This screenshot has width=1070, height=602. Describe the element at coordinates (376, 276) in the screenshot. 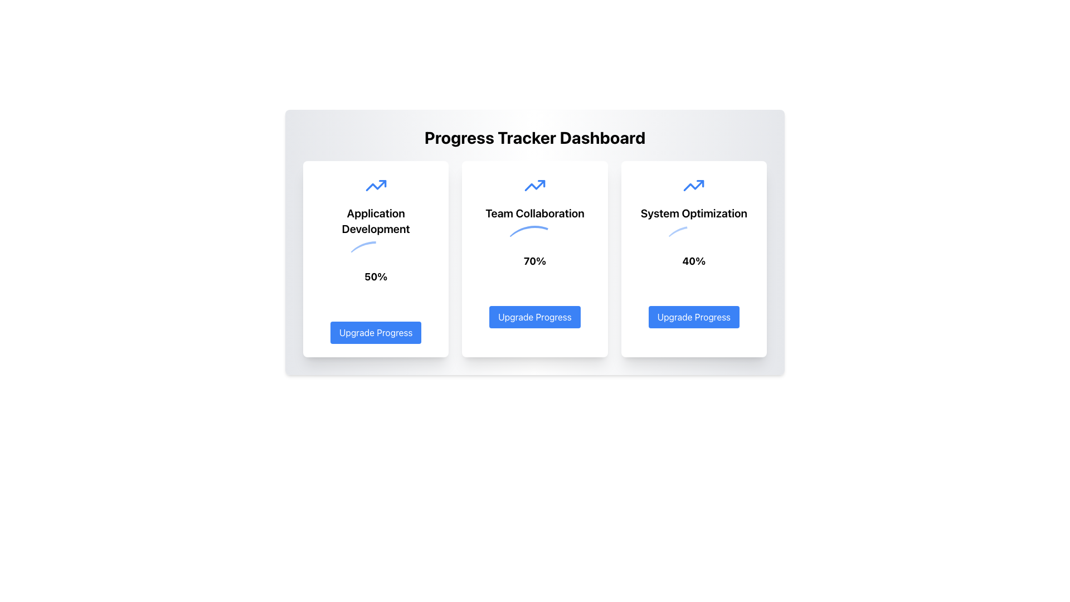

I see `the text label displaying the progress percentage, which is located in the center of the first card from the left, above the 'Upgrade Progress' button and below the 'Application Development' heading` at that location.